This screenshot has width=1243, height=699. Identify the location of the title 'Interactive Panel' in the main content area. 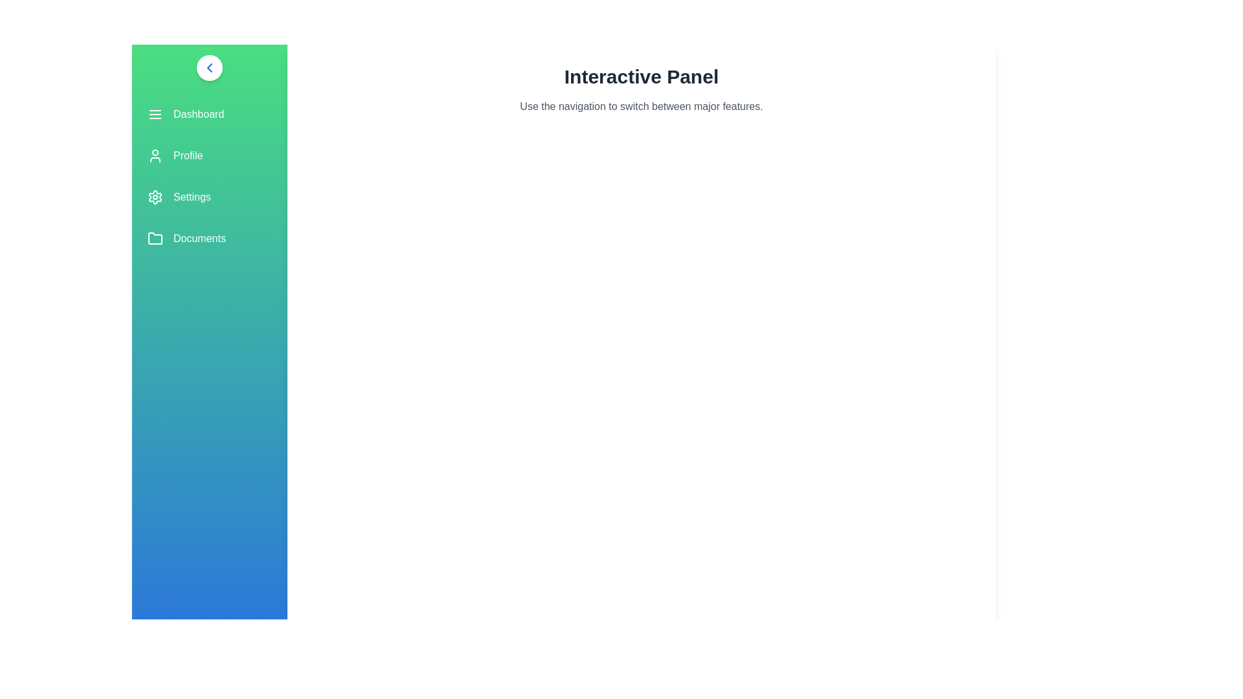
(641, 77).